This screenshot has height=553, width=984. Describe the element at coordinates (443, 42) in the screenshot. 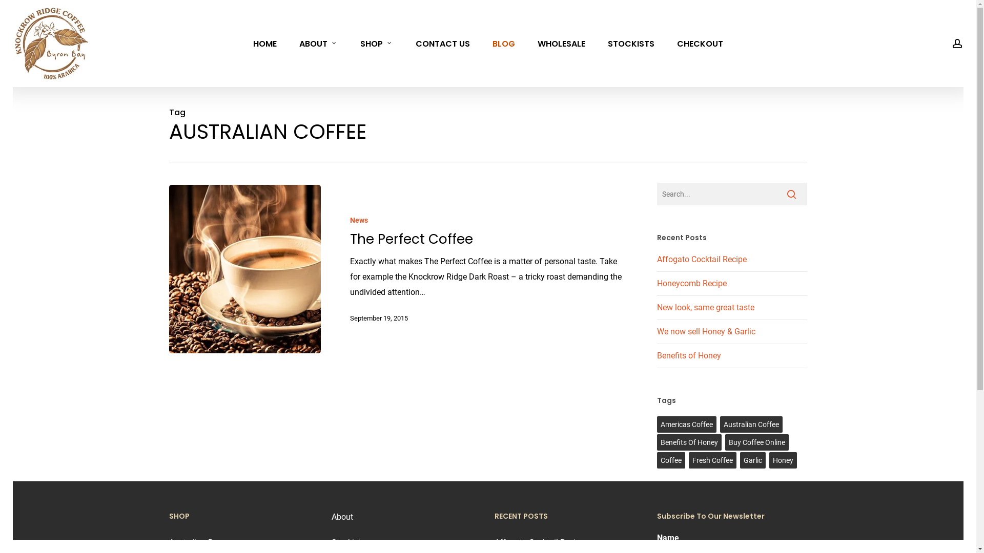

I see `'CONTACT US'` at that location.